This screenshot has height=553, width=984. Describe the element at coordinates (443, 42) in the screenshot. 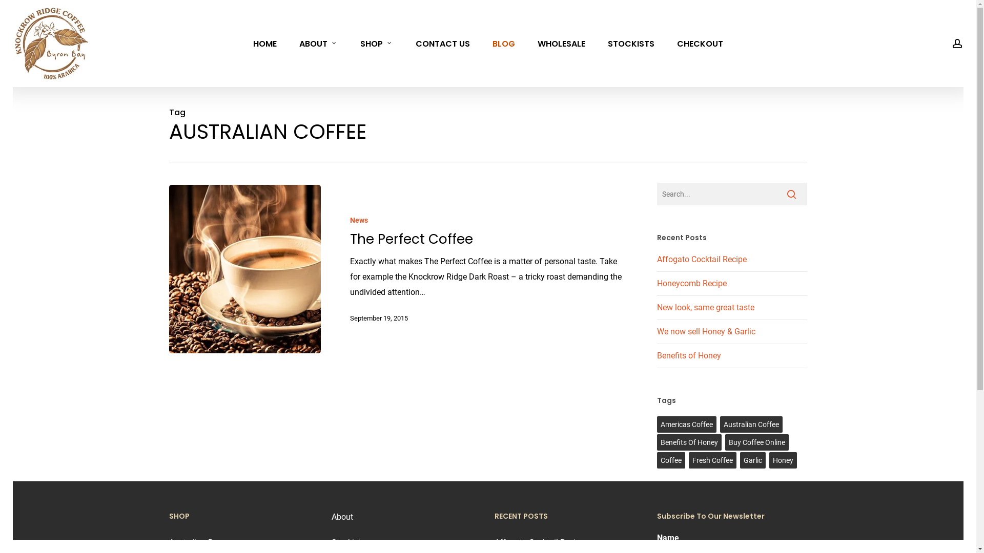

I see `'CONTACT US'` at that location.